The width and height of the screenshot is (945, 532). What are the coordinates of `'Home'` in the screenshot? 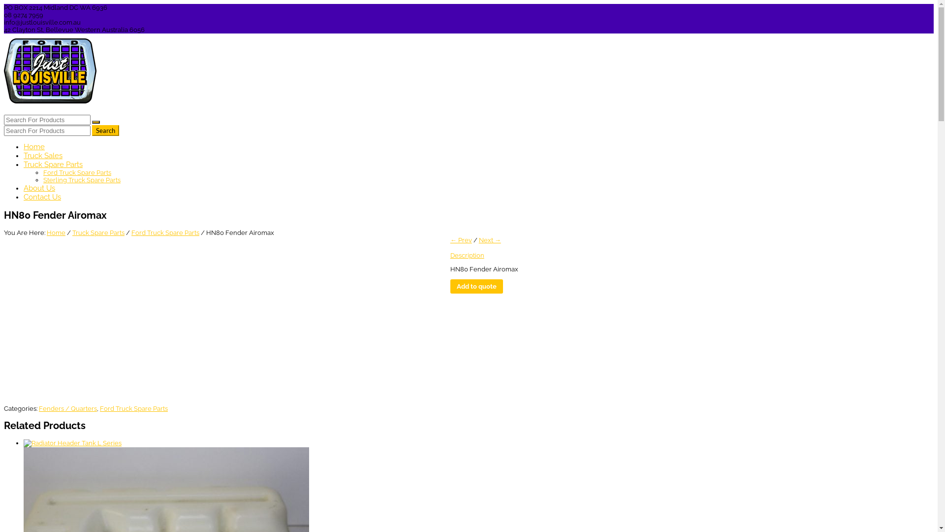 It's located at (56, 233).